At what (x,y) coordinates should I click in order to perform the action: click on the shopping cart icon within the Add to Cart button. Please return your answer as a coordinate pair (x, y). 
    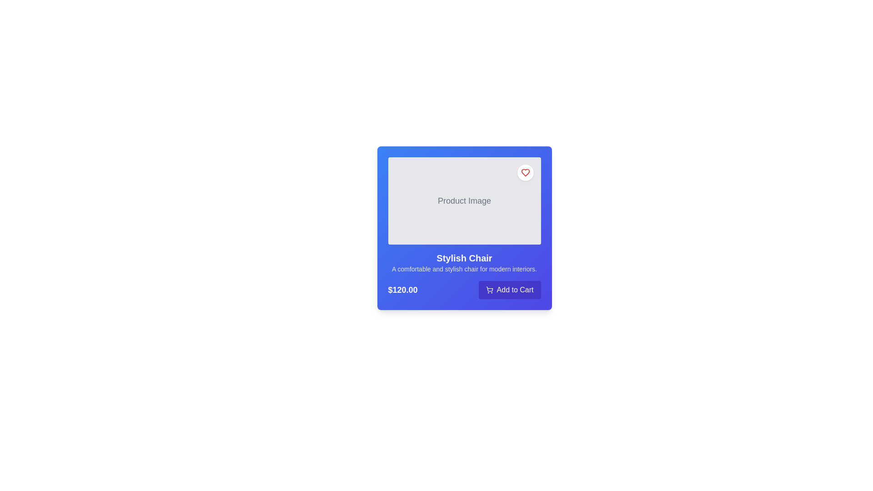
    Looking at the image, I should click on (489, 289).